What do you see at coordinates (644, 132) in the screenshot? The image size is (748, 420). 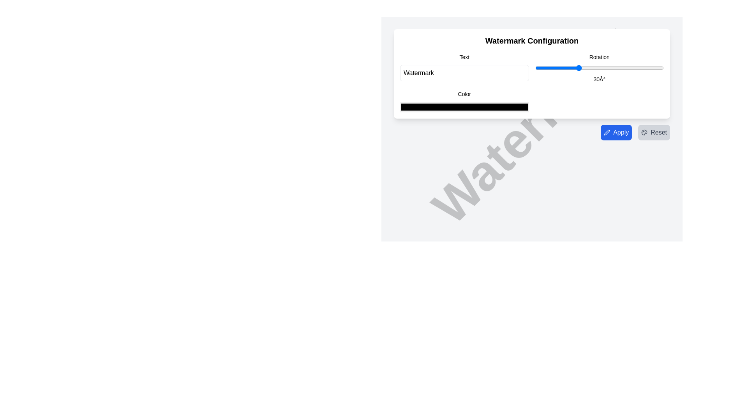 I see `the reset icon located to the left of the 'Reset' button text label` at bounding box center [644, 132].